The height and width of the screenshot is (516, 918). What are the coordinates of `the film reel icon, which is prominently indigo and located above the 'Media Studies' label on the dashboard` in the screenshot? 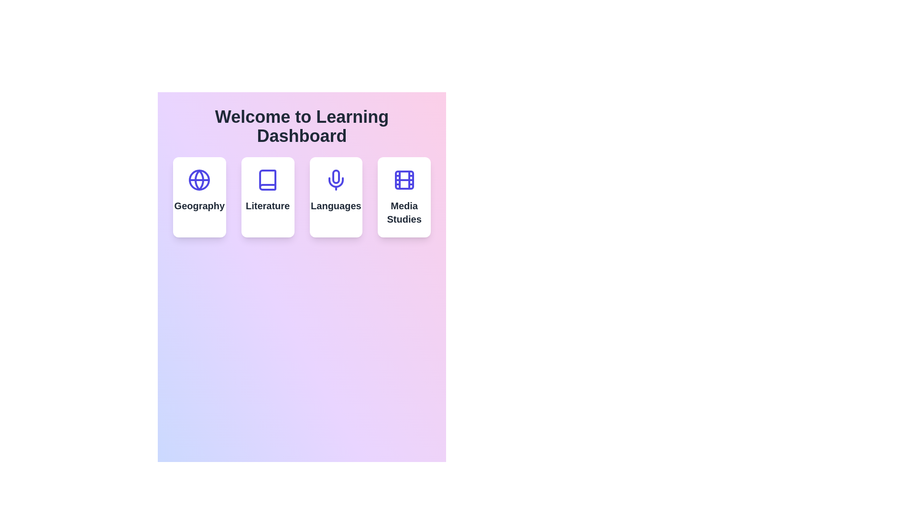 It's located at (404, 180).